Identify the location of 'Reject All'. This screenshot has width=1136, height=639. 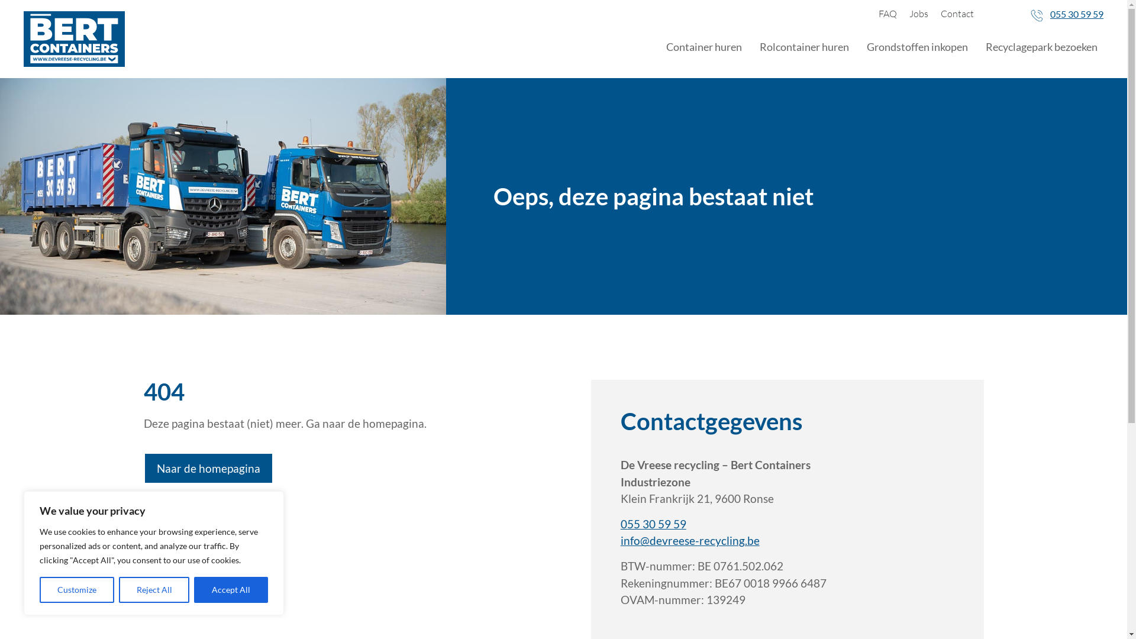
(119, 589).